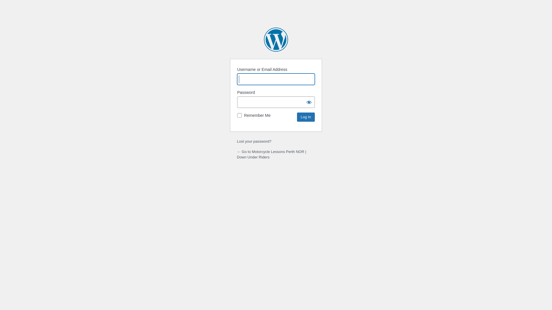 This screenshot has width=552, height=310. I want to click on 'Lost your password?', so click(254, 141).